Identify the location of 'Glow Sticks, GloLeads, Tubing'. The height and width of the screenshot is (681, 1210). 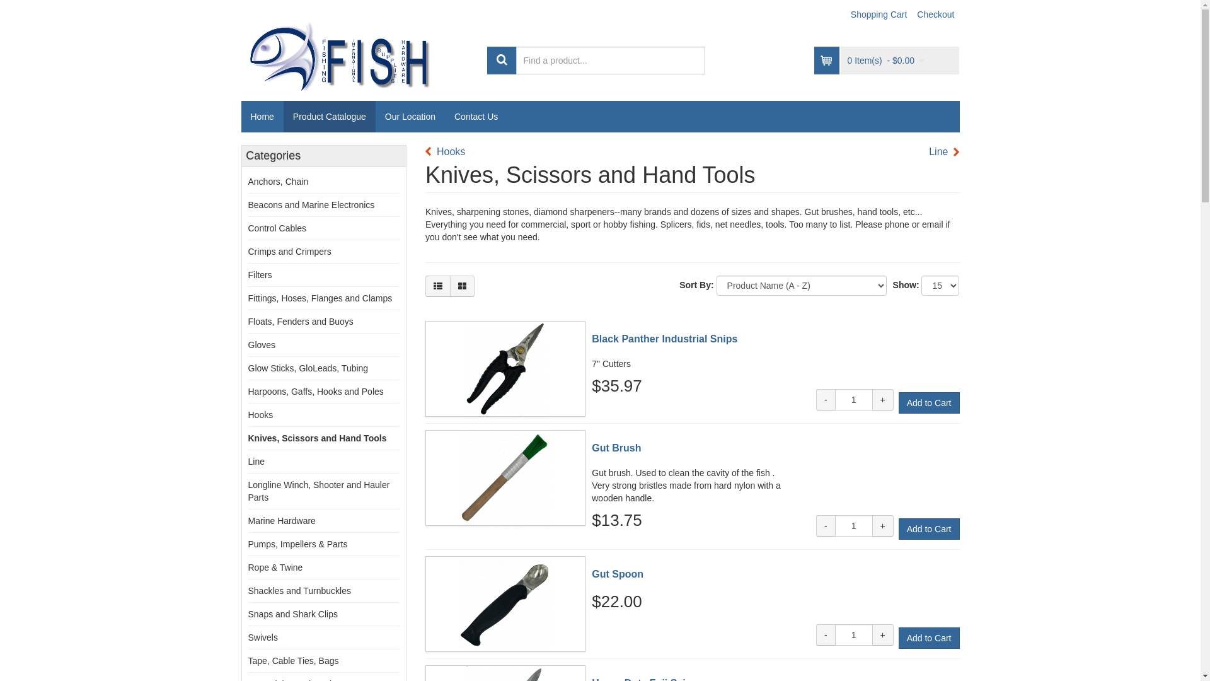
(308, 368).